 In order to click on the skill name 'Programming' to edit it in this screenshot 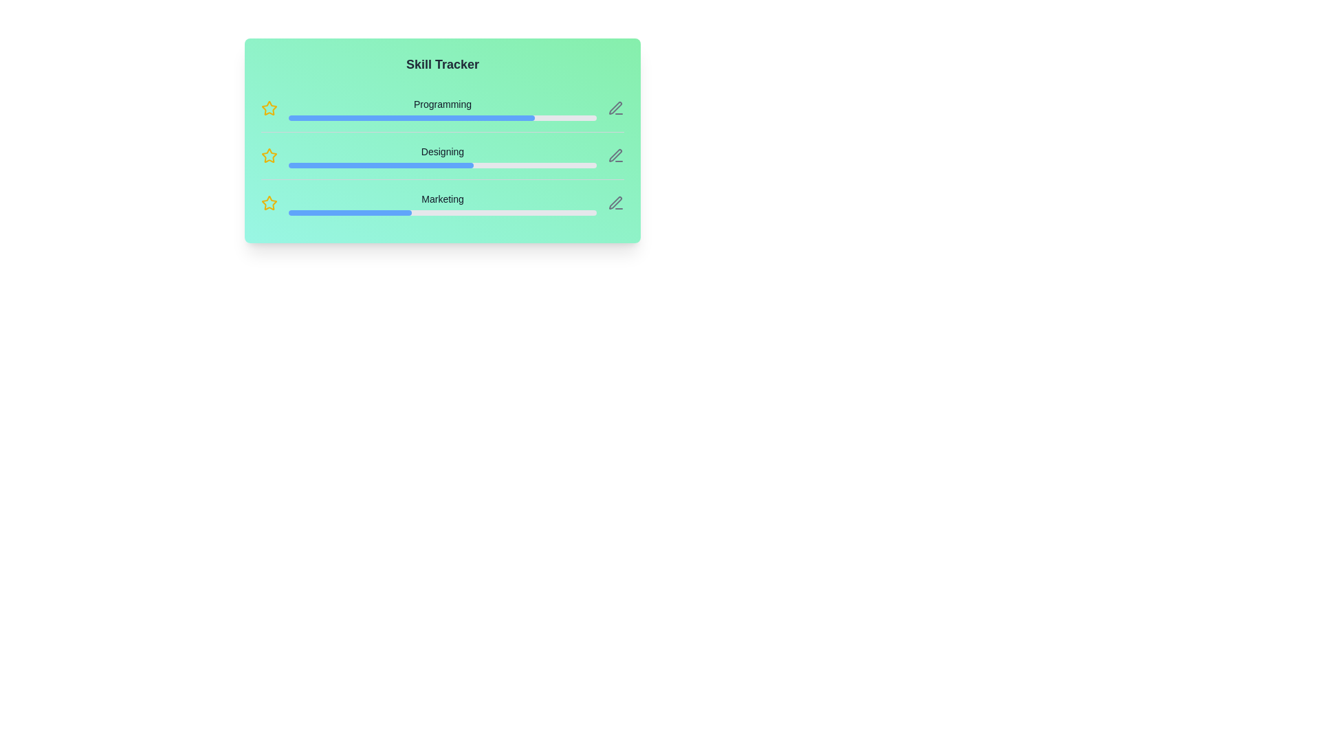, I will do `click(442, 103)`.